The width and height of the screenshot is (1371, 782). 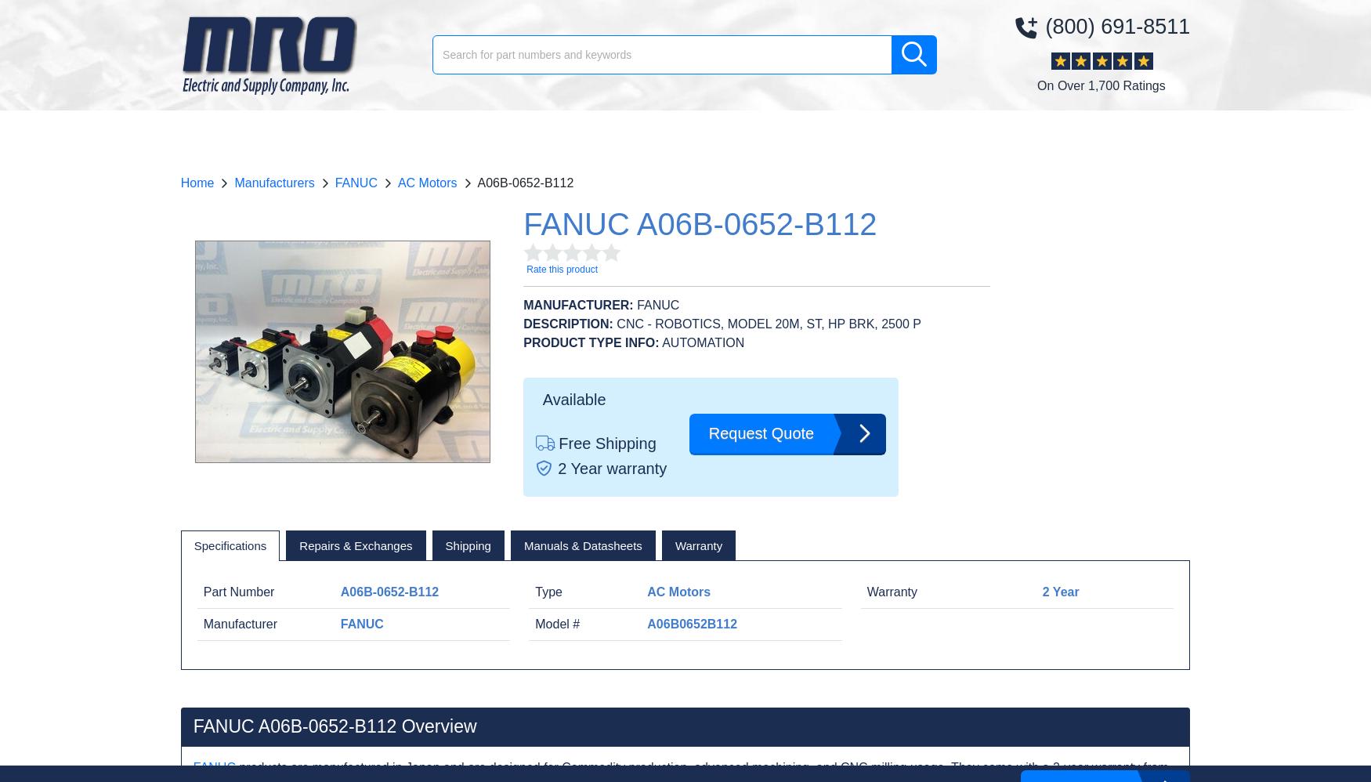 What do you see at coordinates (611, 257) in the screenshot?
I see `'1700'` at bounding box center [611, 257].